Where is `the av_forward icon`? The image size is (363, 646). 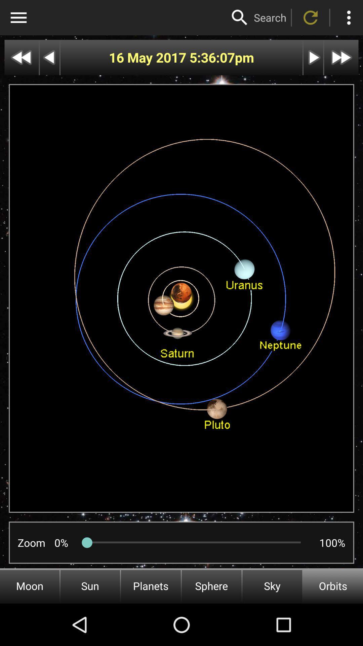
the av_forward icon is located at coordinates (341, 58).